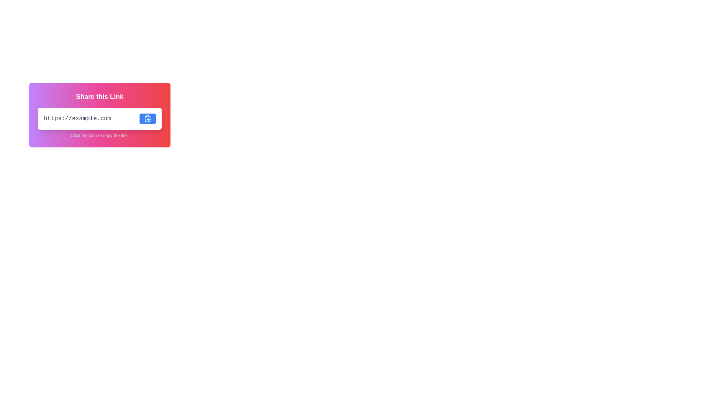 The width and height of the screenshot is (707, 397). I want to click on the text label that introduces and describes the purpose of the card, located at the top-center of the rounded rectangular card, so click(99, 96).